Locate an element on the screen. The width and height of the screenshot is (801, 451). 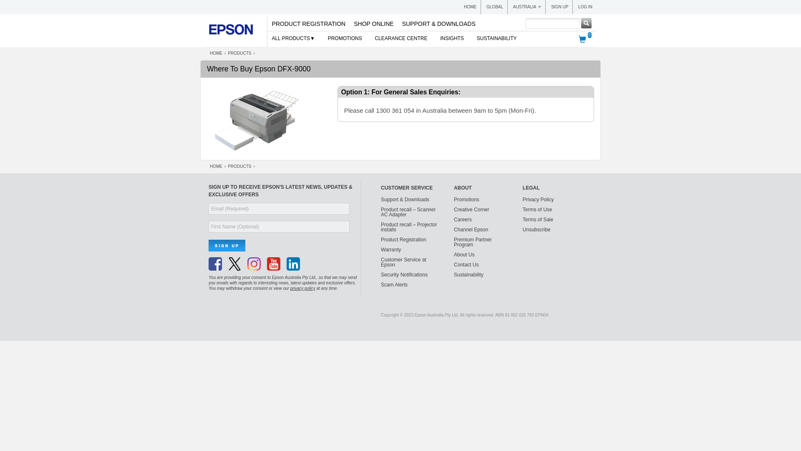
'Sustainability' is located at coordinates (469, 275).